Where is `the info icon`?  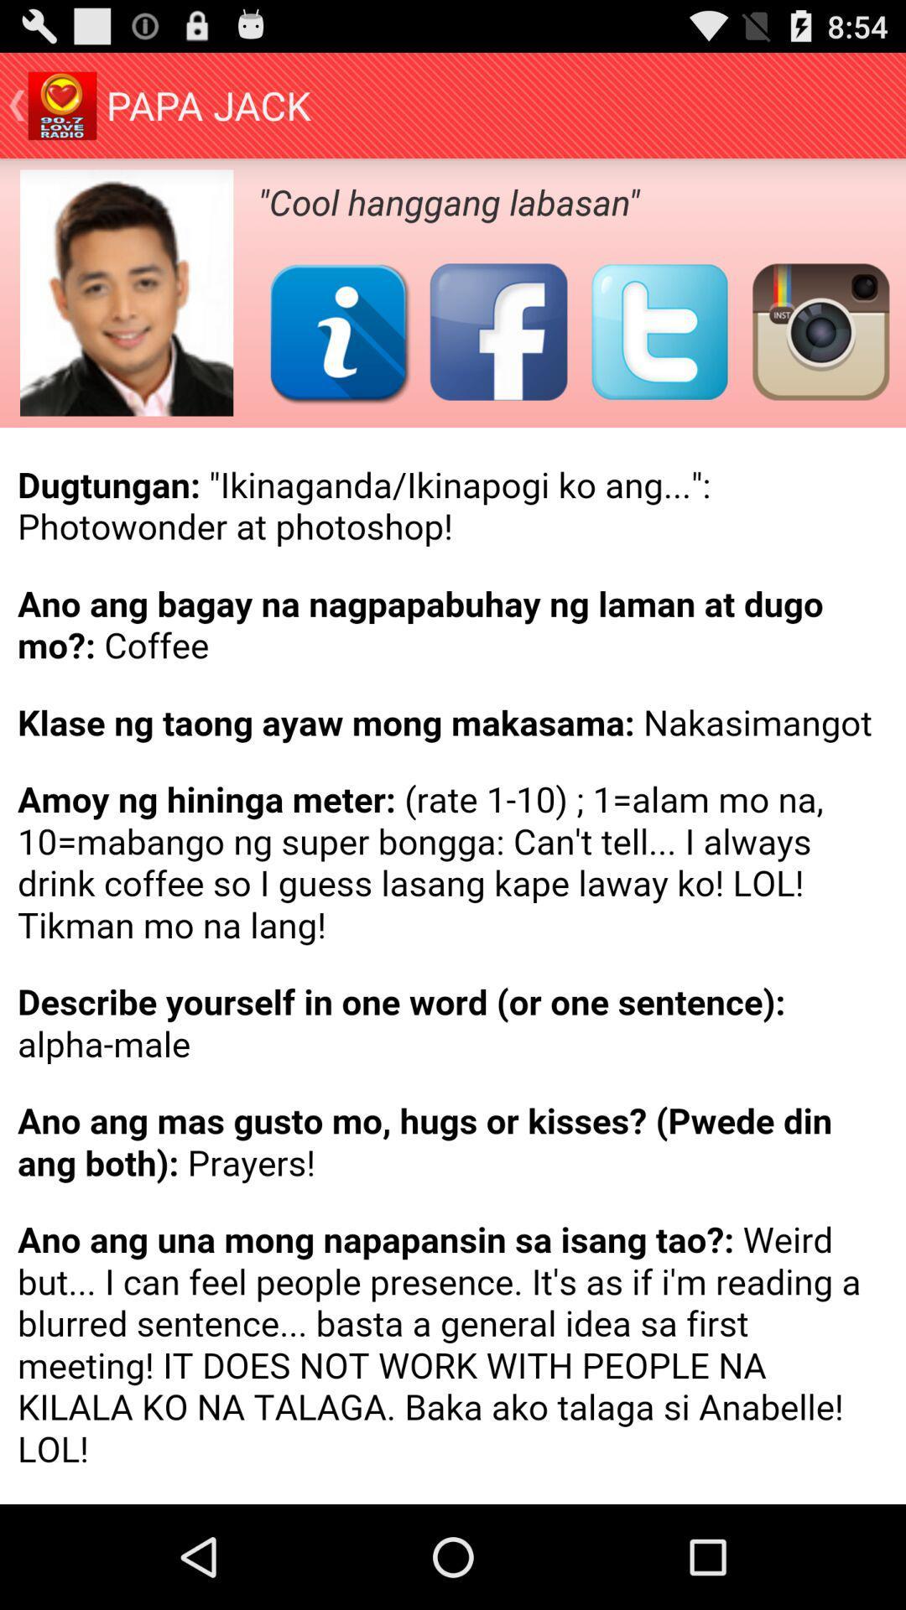
the info icon is located at coordinates (338, 354).